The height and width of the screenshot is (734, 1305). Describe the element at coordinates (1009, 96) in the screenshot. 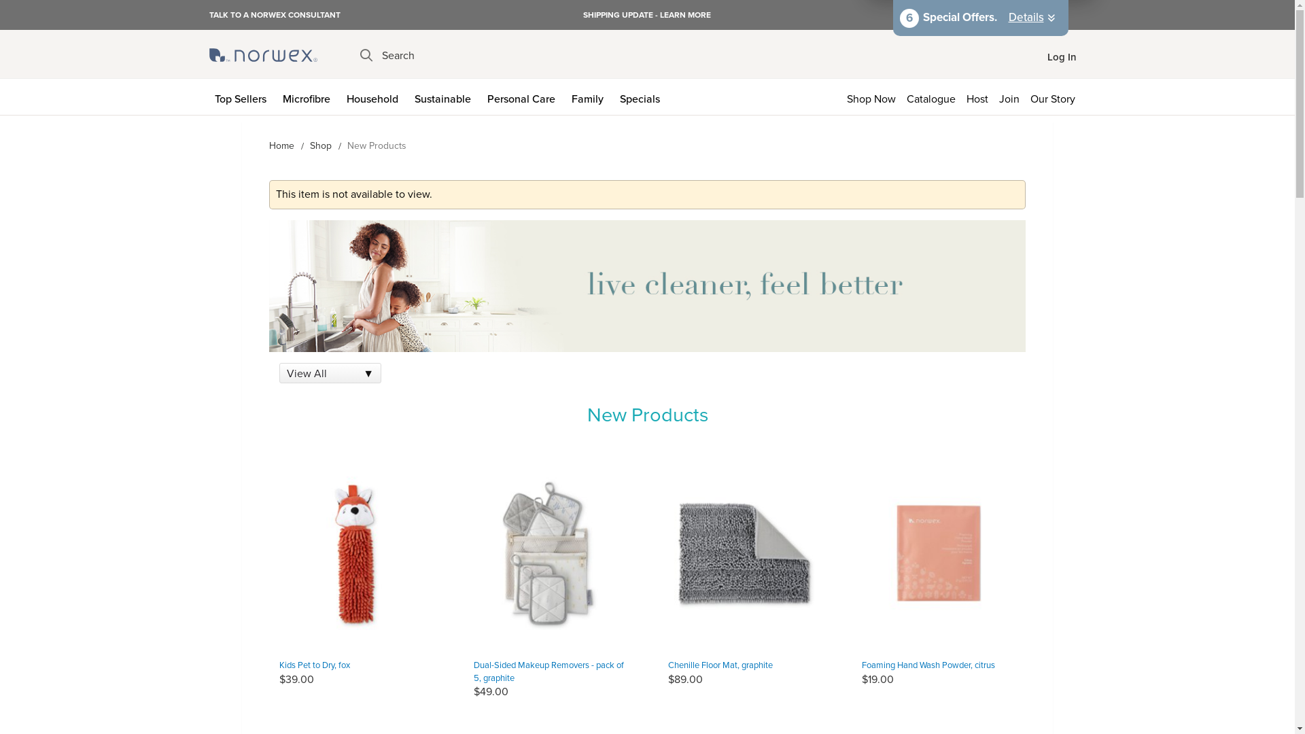

I see `'Join'` at that location.